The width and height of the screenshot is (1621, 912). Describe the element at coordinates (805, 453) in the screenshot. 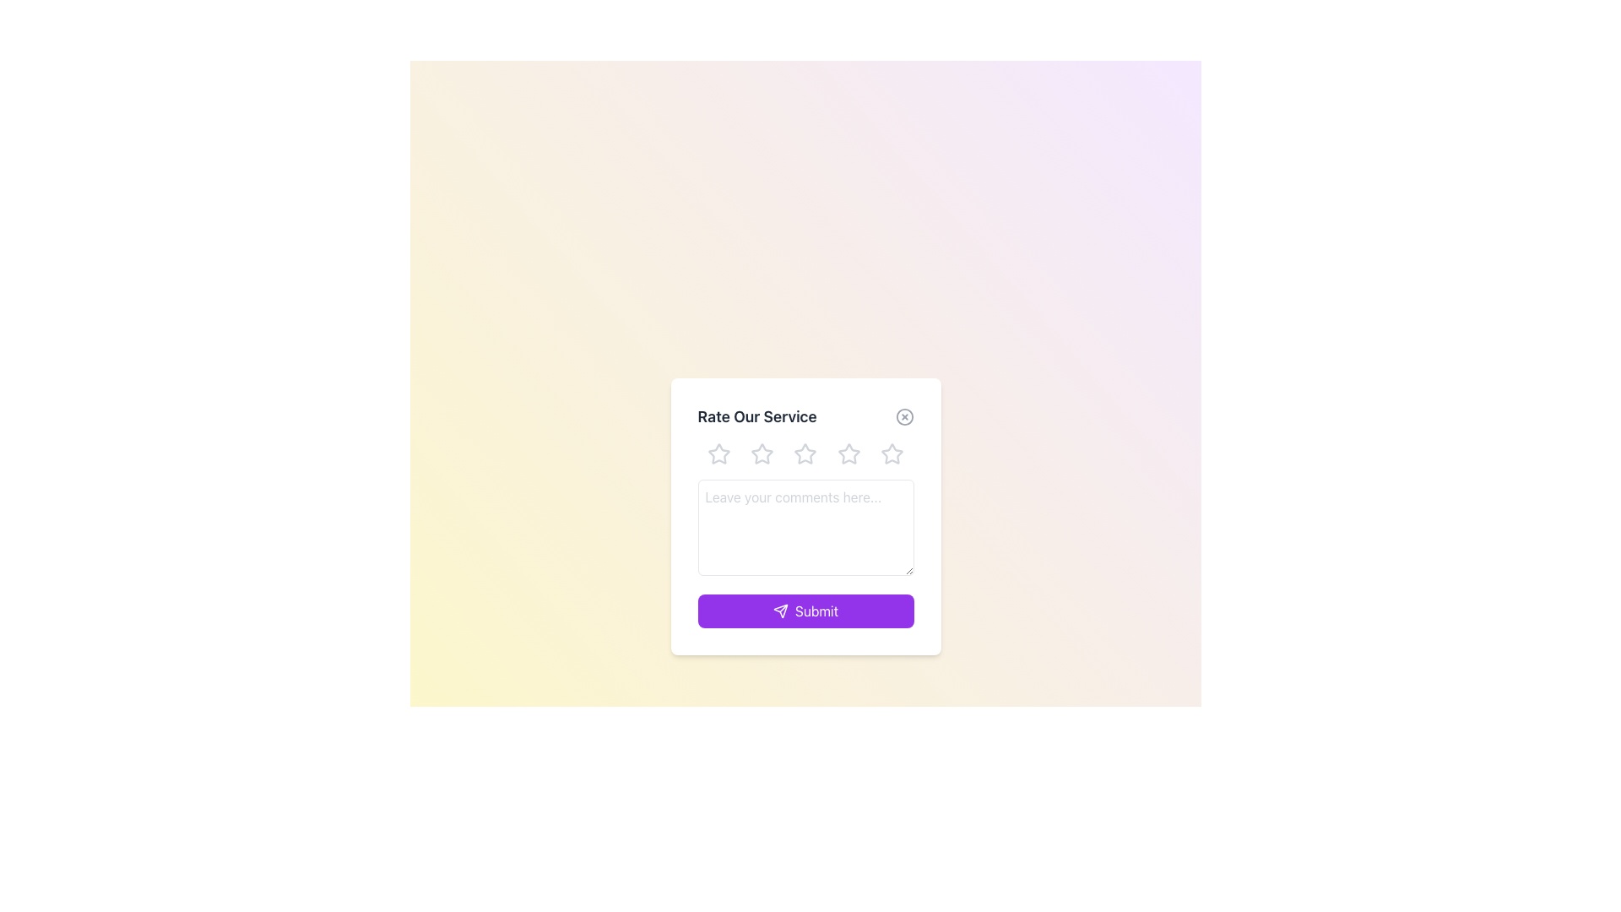

I see `the third star icon in a horizontal row of five identical stars, which is styled in light gray color, to trigger hover effects` at that location.